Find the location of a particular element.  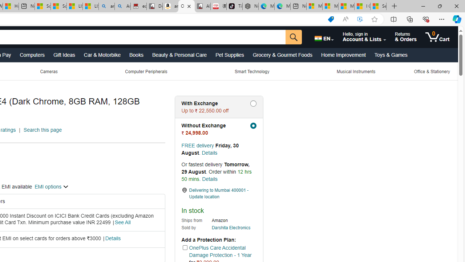

'Go' is located at coordinates (294, 37).